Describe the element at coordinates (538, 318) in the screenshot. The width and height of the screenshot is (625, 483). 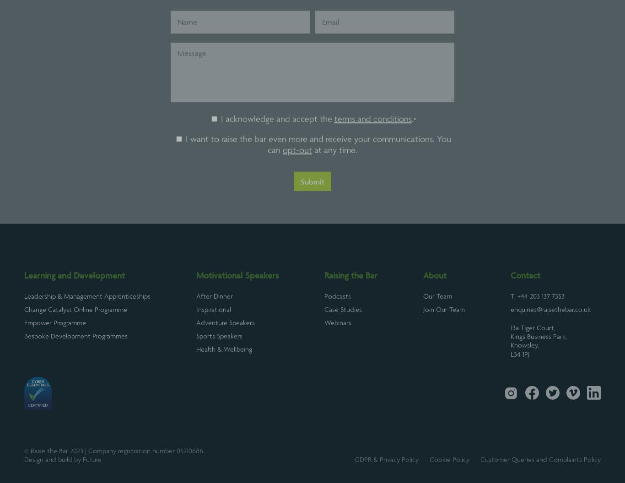
I see `'T: +44 203 137 7353'` at that location.